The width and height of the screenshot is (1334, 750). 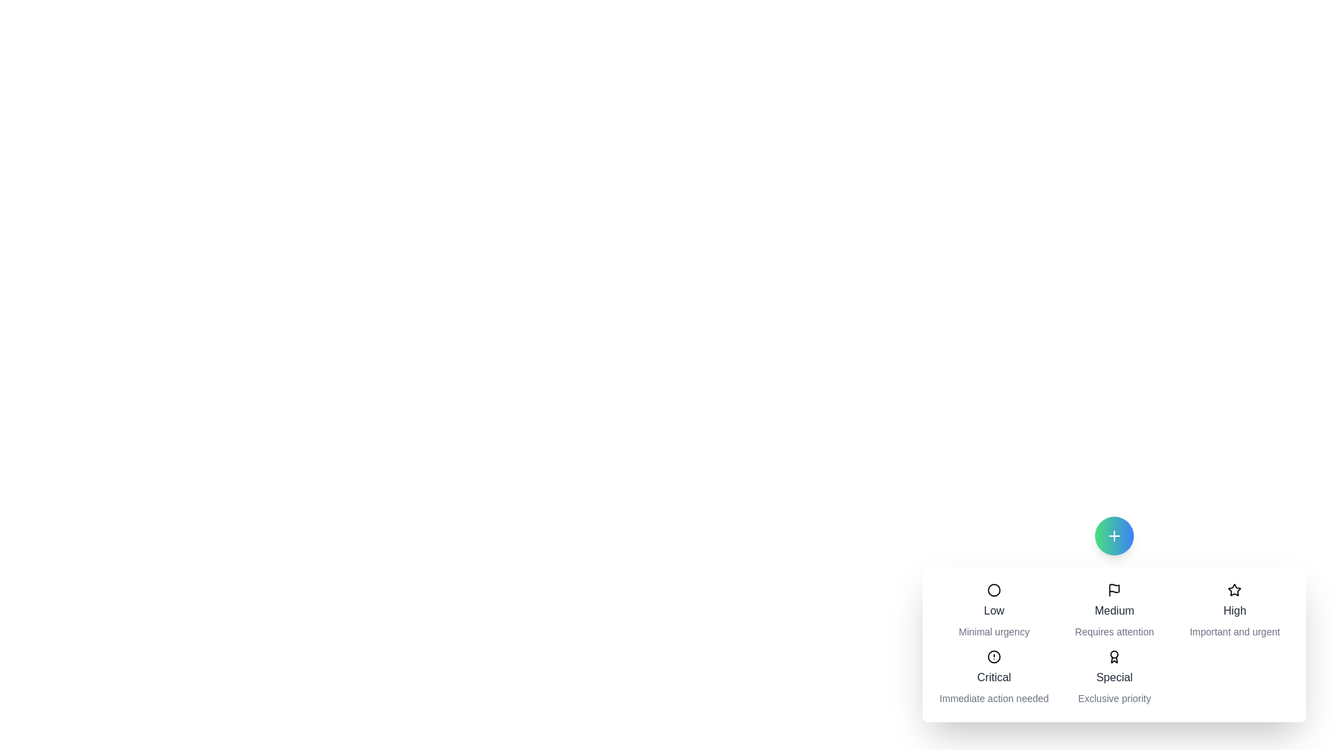 What do you see at coordinates (1235, 610) in the screenshot?
I see `the priority option High from the menu` at bounding box center [1235, 610].